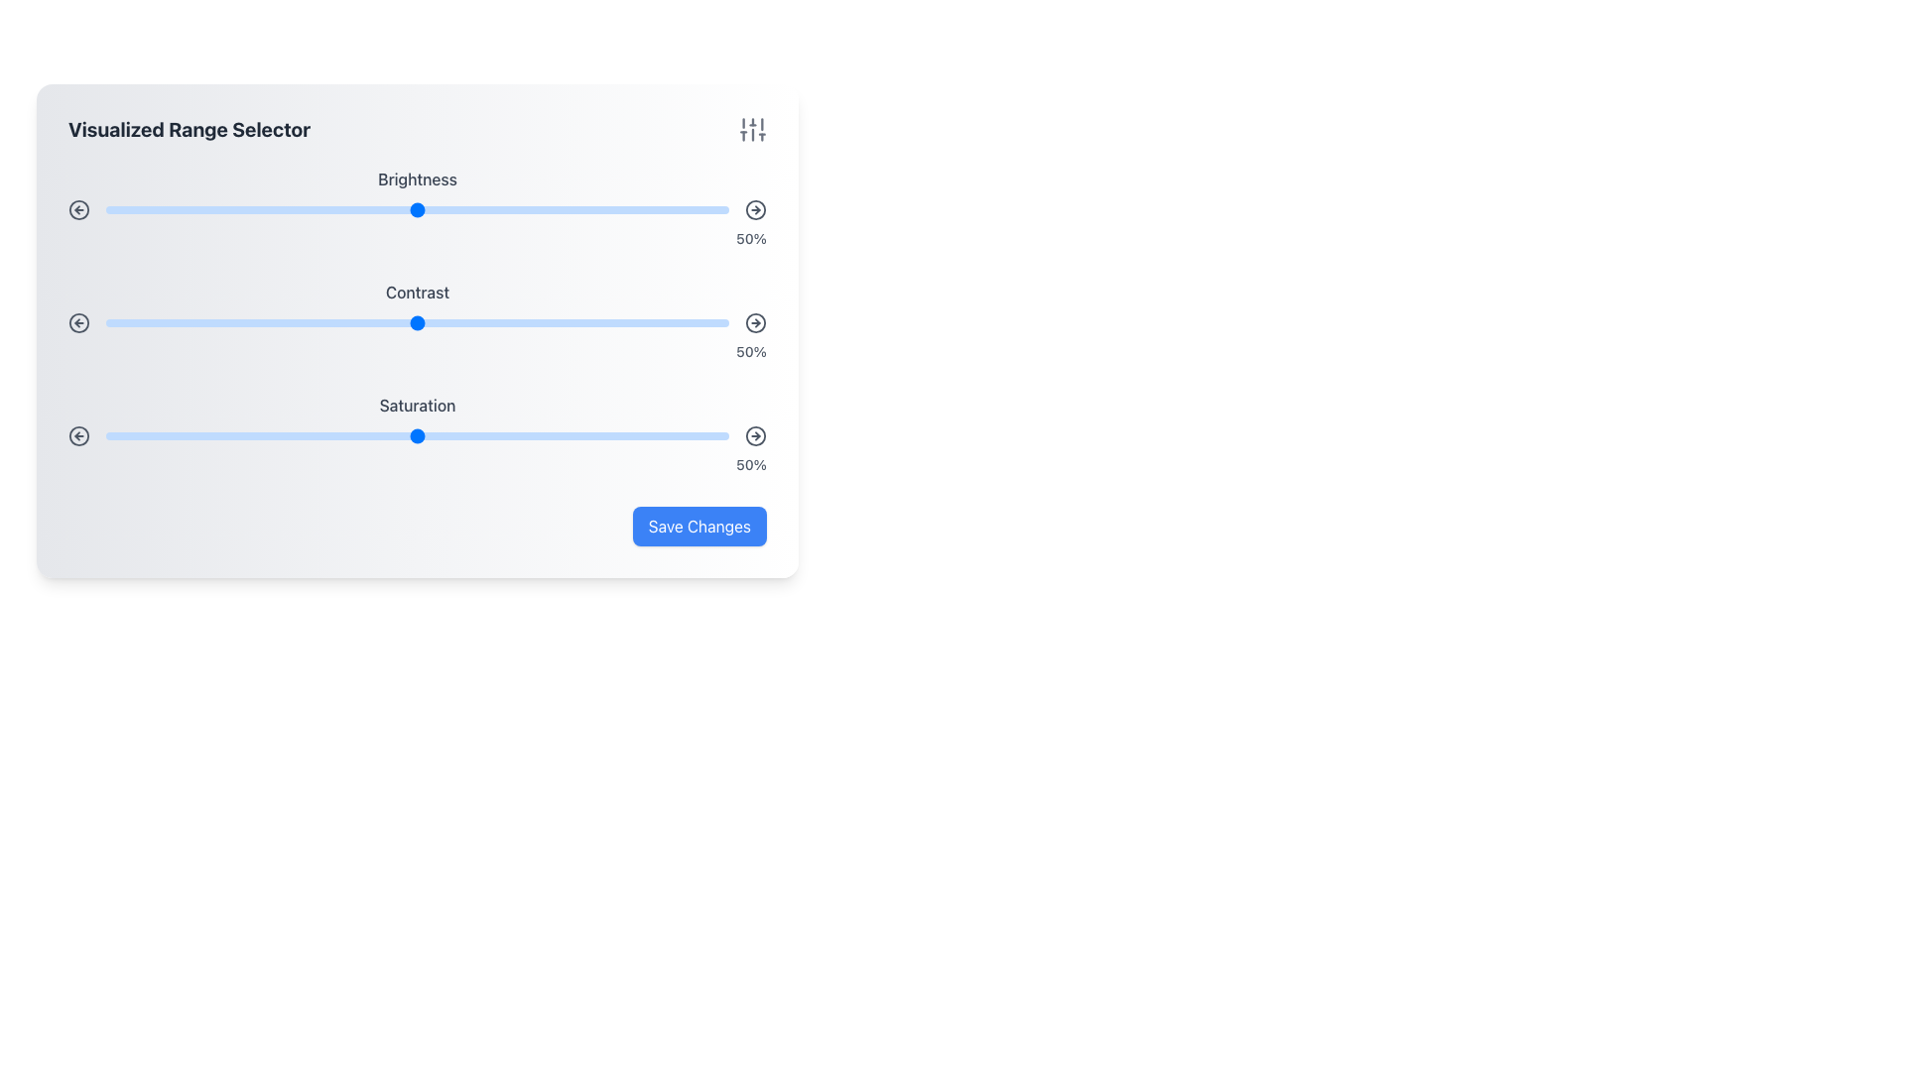 This screenshot has width=1905, height=1071. Describe the element at coordinates (79, 210) in the screenshot. I see `the decrement button in the 'Brightness' section` at that location.